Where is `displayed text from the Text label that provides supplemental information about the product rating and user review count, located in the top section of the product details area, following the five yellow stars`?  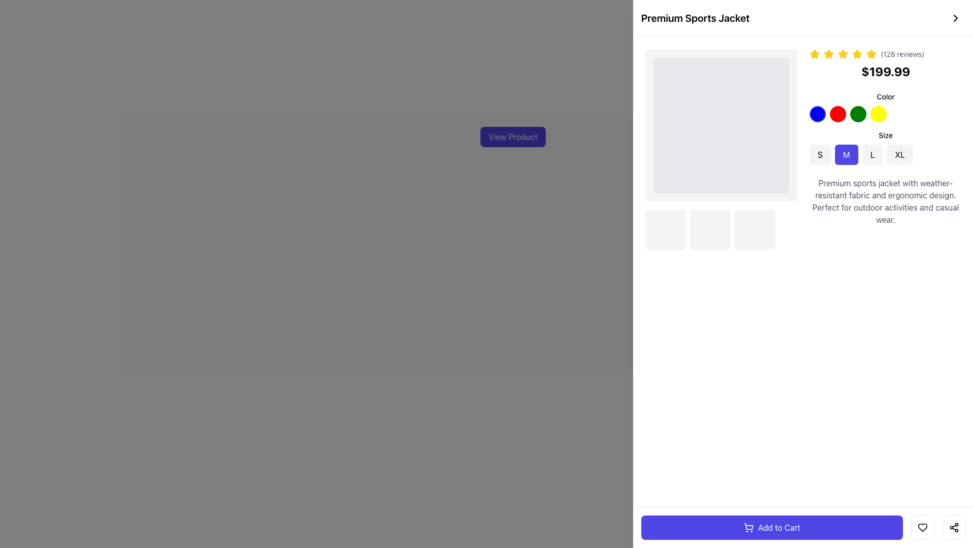 displayed text from the Text label that provides supplemental information about the product rating and user review count, located in the top section of the product details area, following the five yellow stars is located at coordinates (885, 54).